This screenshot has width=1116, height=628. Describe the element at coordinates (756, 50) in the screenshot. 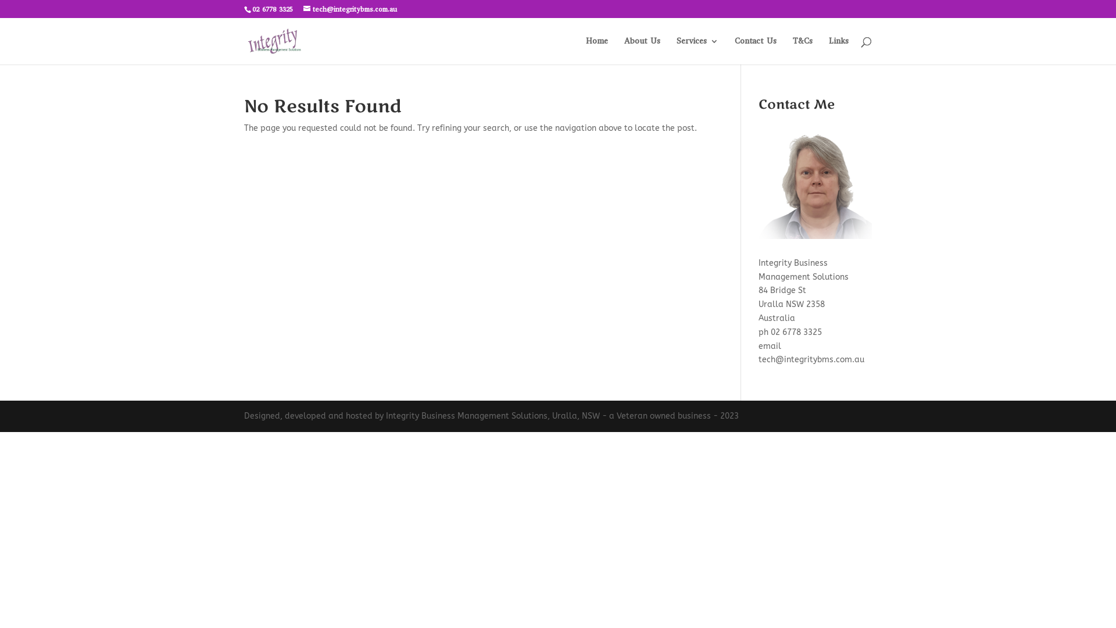

I see `'Contact Us'` at that location.